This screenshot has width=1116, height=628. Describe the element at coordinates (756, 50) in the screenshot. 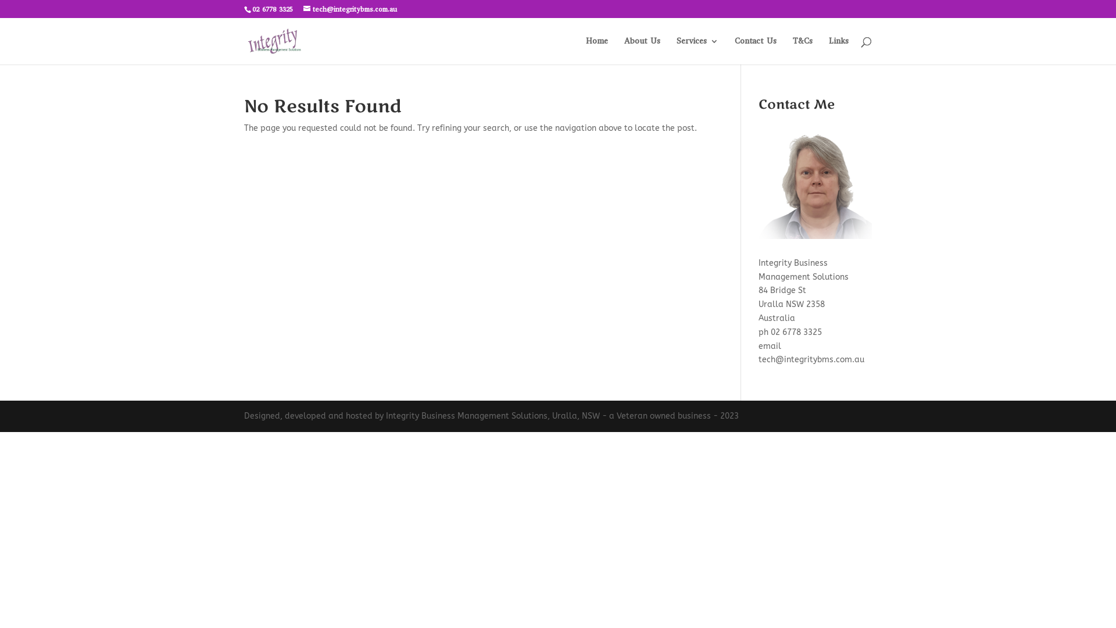

I see `'Contact Us'` at that location.